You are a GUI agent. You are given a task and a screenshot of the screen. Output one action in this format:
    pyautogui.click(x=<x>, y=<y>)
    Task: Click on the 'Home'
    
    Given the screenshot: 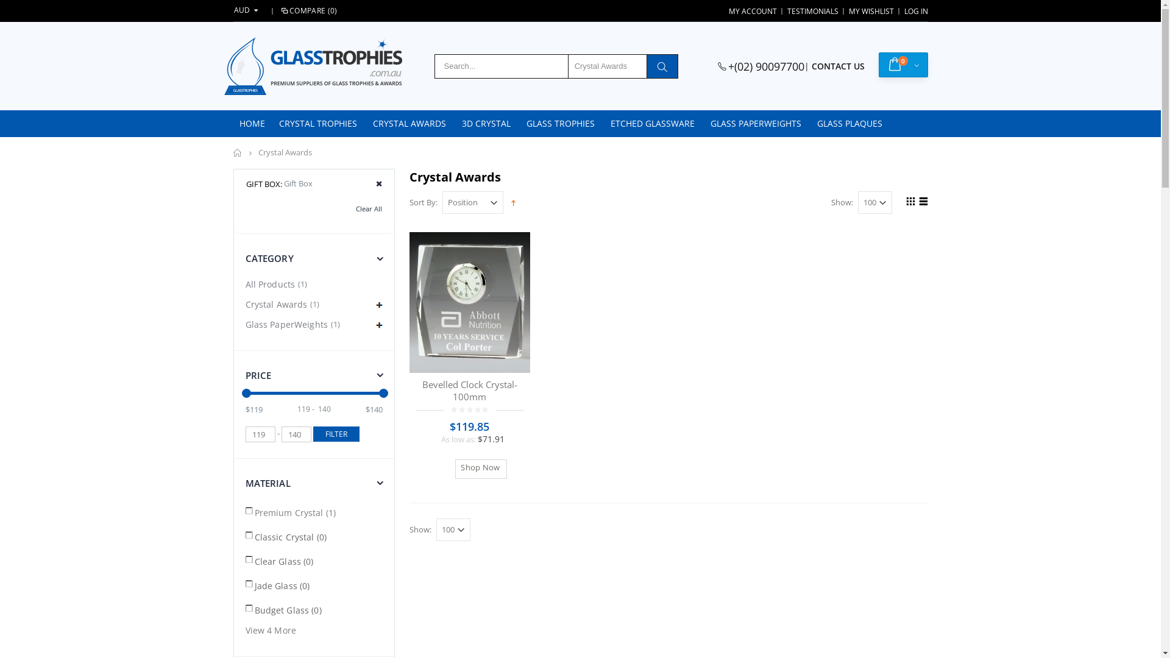 What is the action you would take?
    pyautogui.click(x=233, y=152)
    